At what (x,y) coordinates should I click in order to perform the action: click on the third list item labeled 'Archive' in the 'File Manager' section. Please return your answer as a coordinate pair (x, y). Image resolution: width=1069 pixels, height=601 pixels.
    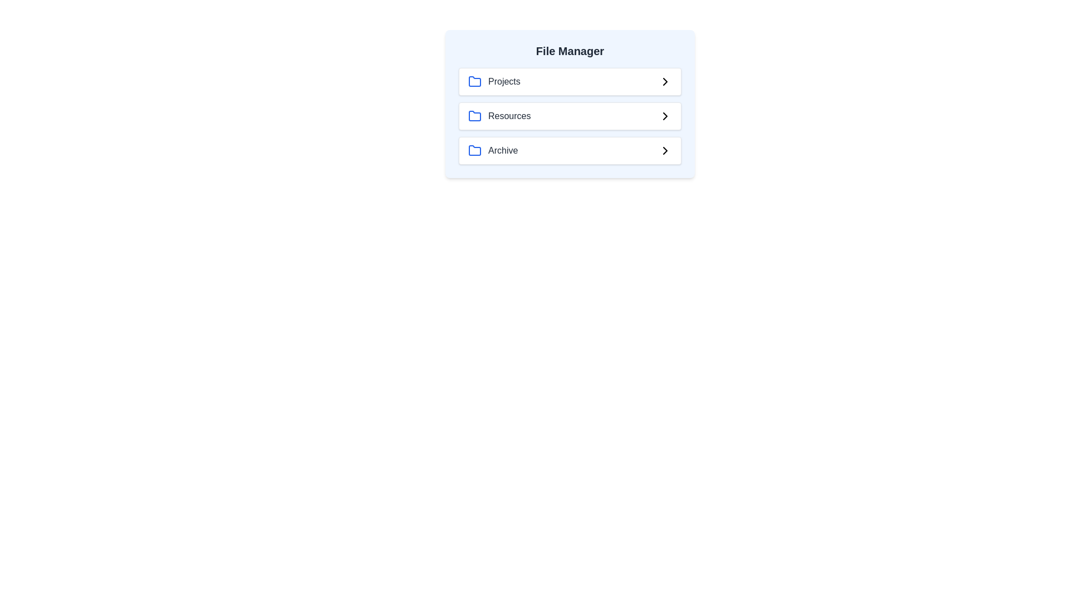
    Looking at the image, I should click on (570, 150).